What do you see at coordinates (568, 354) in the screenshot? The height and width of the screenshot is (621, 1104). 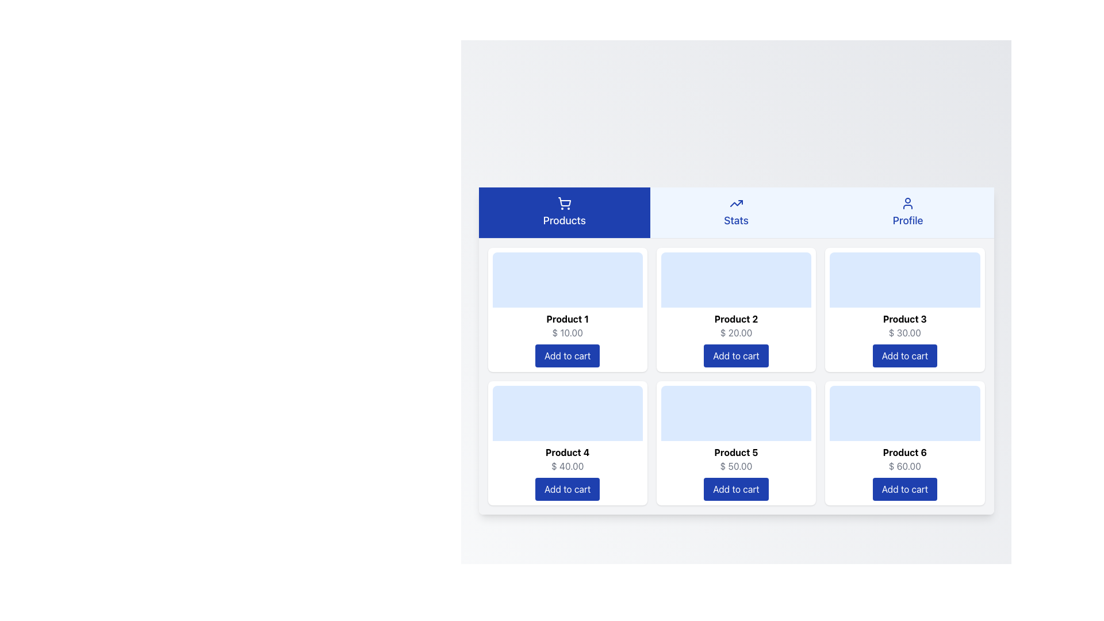 I see `the 'Add to Cart' button located within the card for 'Product 1', which is positioned below the price label '$ 10.00' and aligned centrally within the product card` at bounding box center [568, 354].